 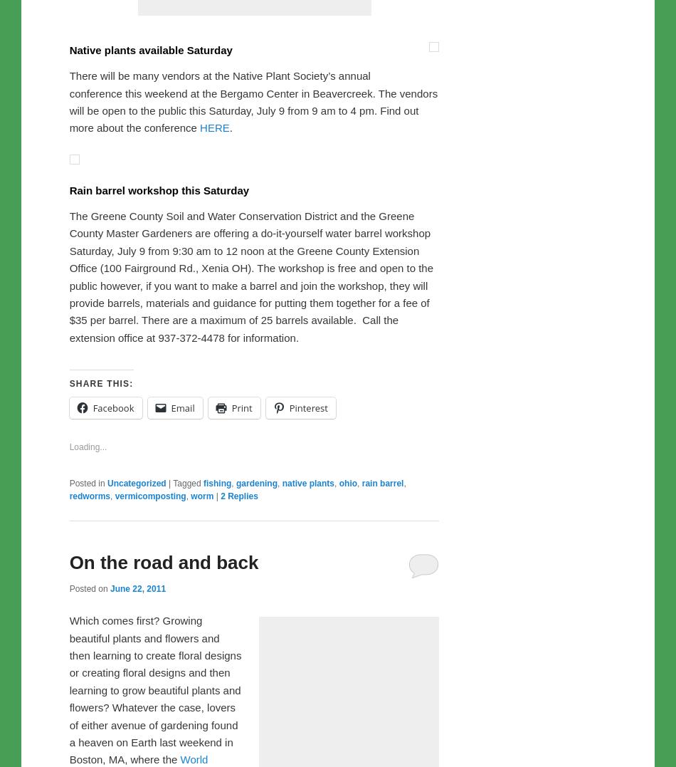 What do you see at coordinates (181, 706) in the screenshot?
I see `'Email'` at bounding box center [181, 706].